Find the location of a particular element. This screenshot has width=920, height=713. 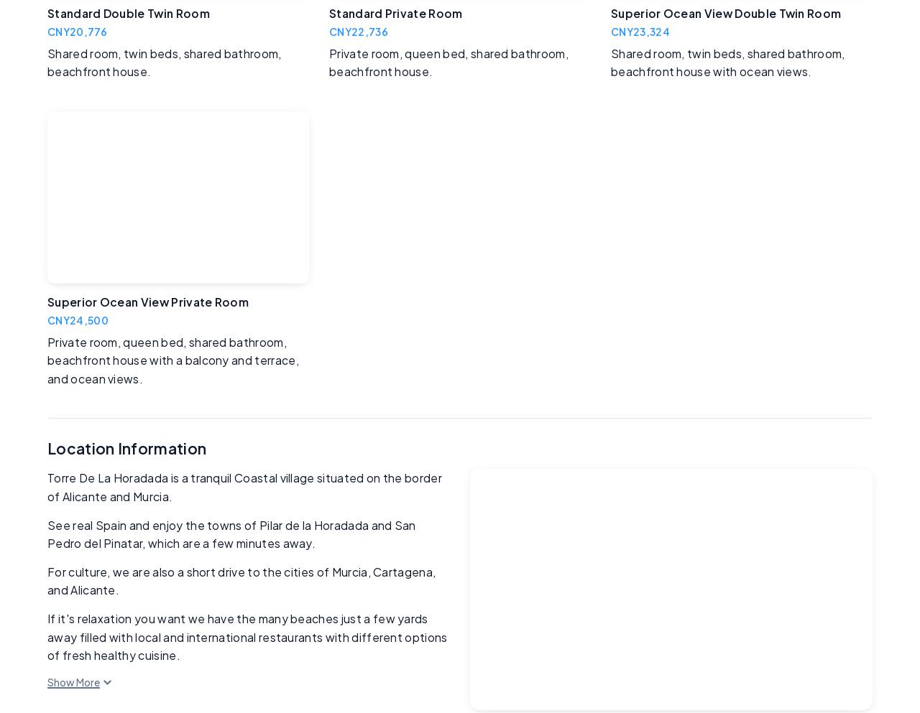

'Show More' is located at coordinates (73, 681).